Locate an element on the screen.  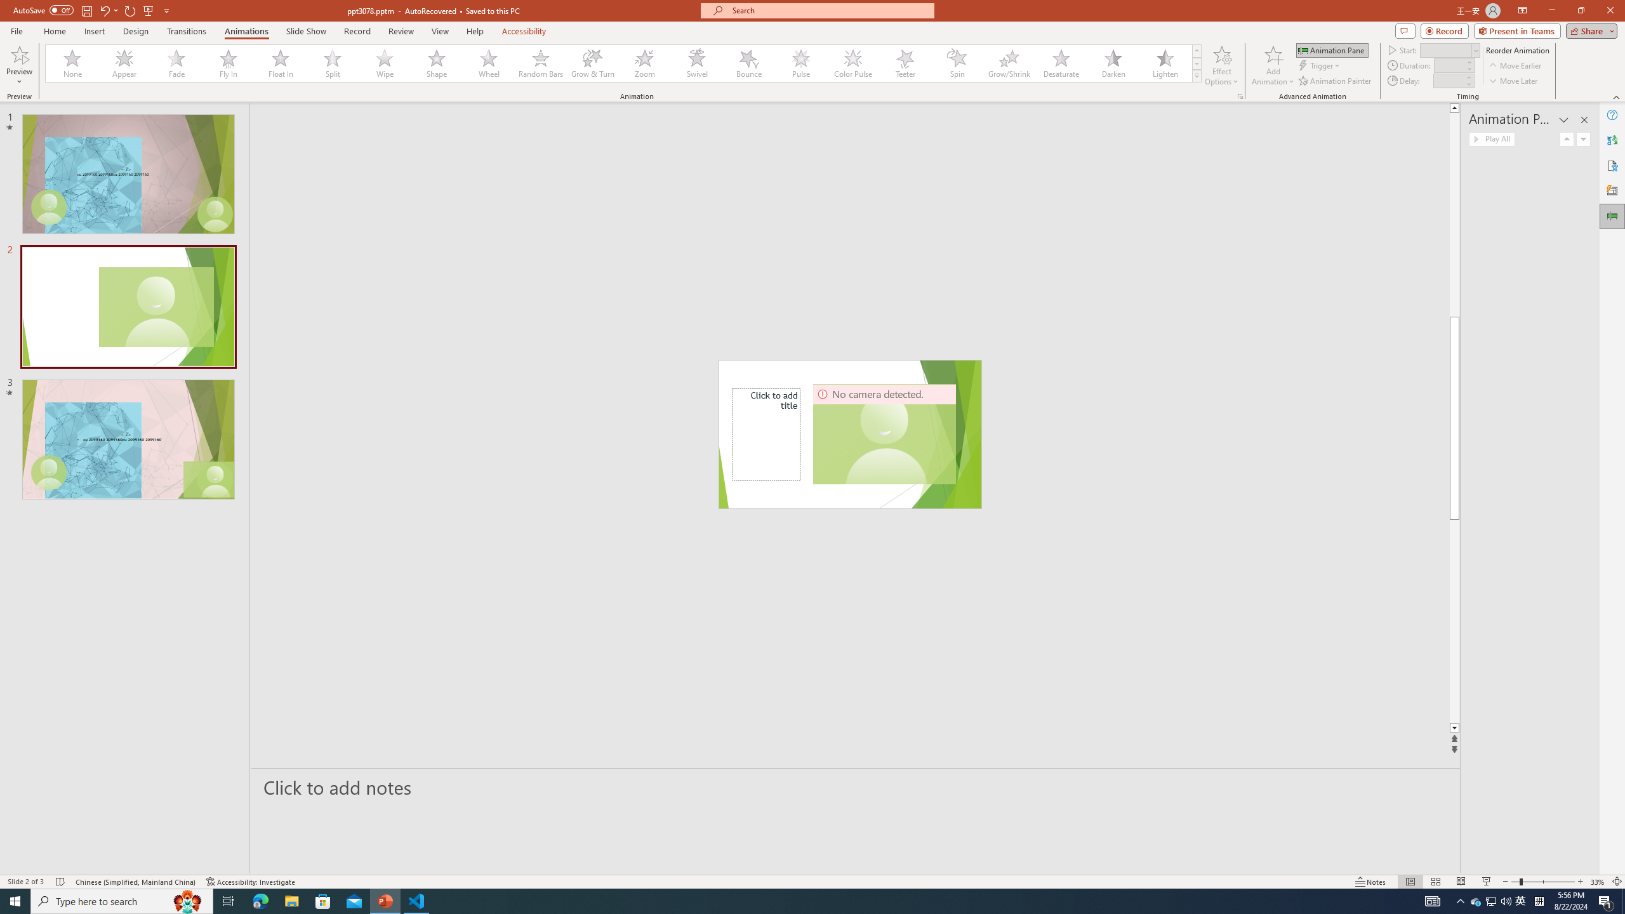
'AutomationID: AnimationGallery' is located at coordinates (623, 63).